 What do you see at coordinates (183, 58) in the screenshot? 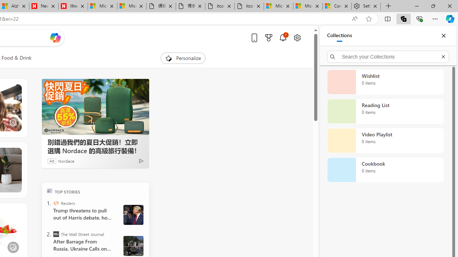
I see `'Personalize'` at bounding box center [183, 58].